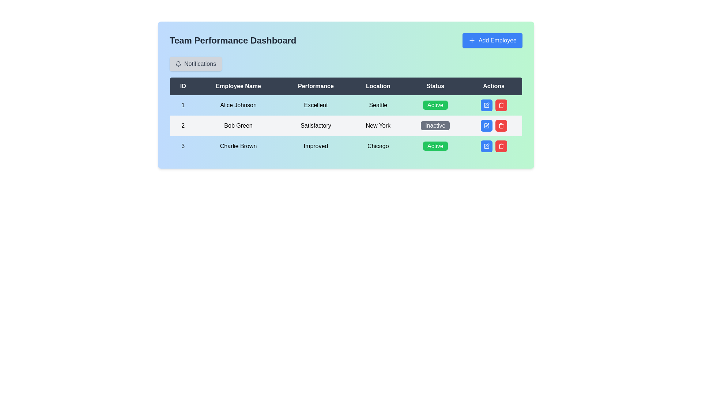 The width and height of the screenshot is (702, 395). What do you see at coordinates (316, 86) in the screenshot?
I see `the third header in the table indicating performance metrics, located between 'Employee Name' and 'Location' in the 'Team Performance Dashboard'` at bounding box center [316, 86].